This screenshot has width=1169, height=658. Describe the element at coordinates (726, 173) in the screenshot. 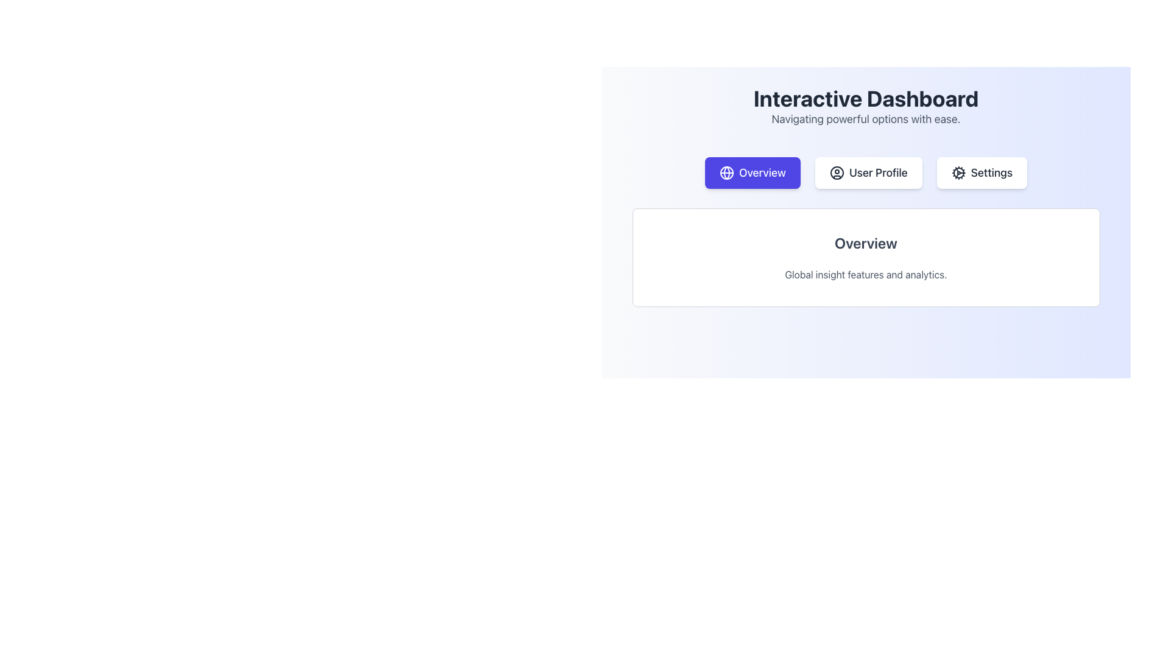

I see `the globe icon styled as an SVG, which is located to the left of the 'Overview' text in the navigation bar` at that location.